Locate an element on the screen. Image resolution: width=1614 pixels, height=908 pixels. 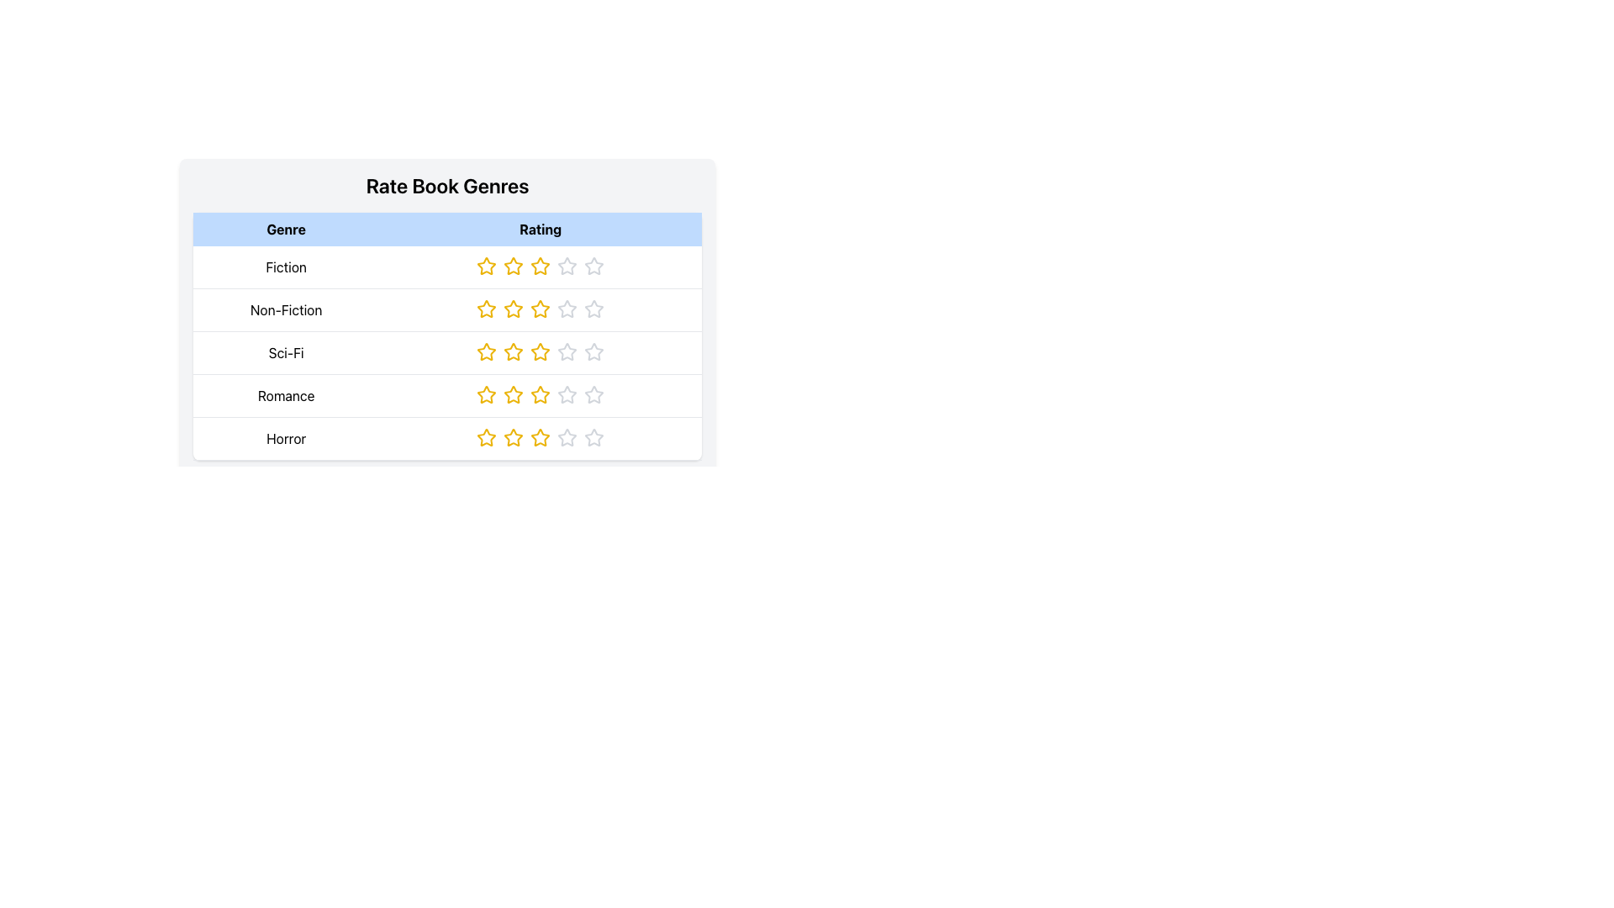
the second star from the left in the rating row for the genre 'Romance' to assign a rating is located at coordinates (513, 395).